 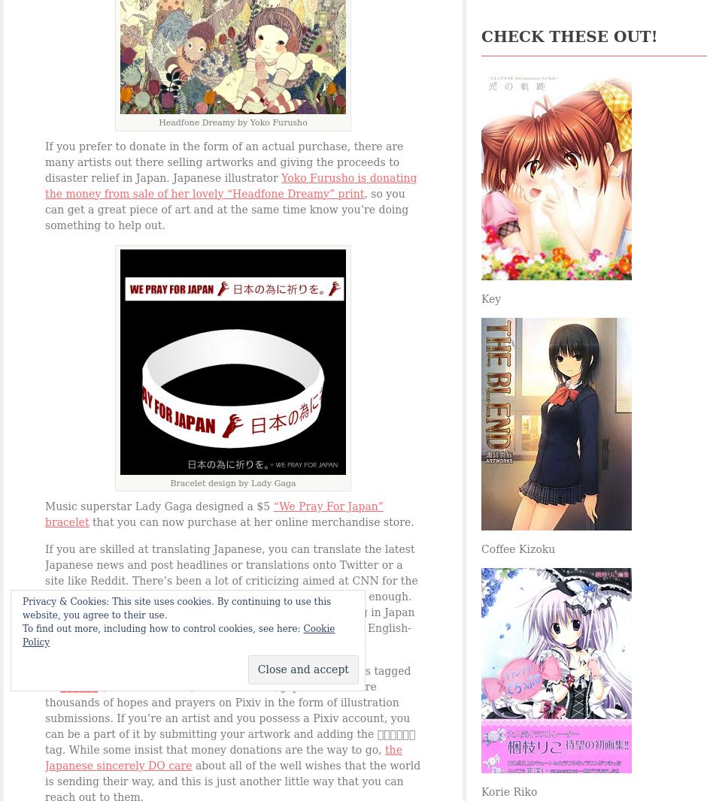 What do you see at coordinates (178, 635) in the screenshot?
I see `'Cookie Policy'` at bounding box center [178, 635].